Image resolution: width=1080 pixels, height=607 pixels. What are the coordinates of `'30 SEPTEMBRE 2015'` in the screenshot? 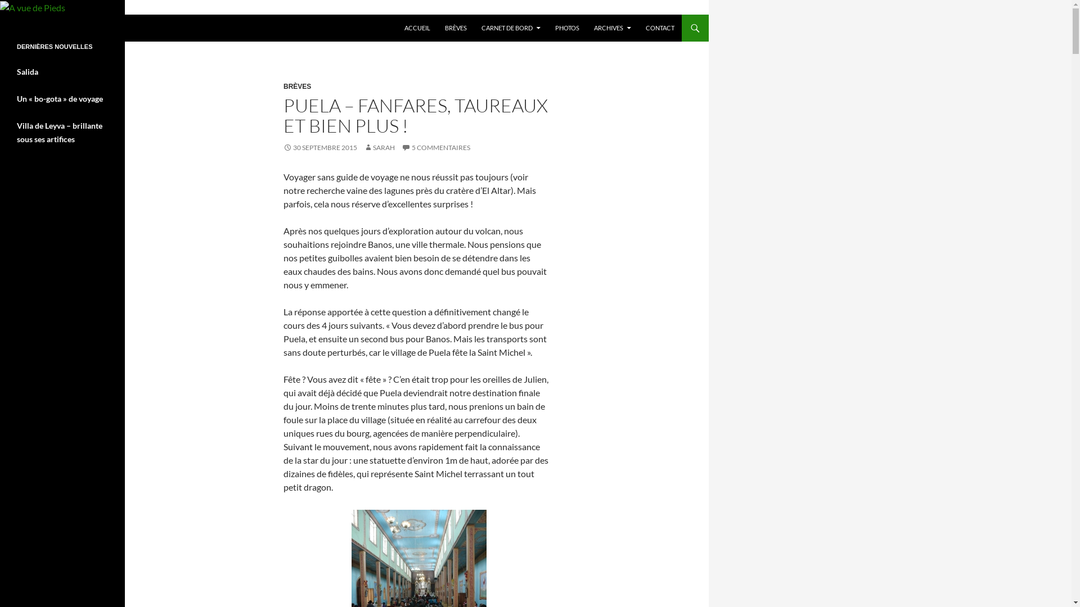 It's located at (319, 147).